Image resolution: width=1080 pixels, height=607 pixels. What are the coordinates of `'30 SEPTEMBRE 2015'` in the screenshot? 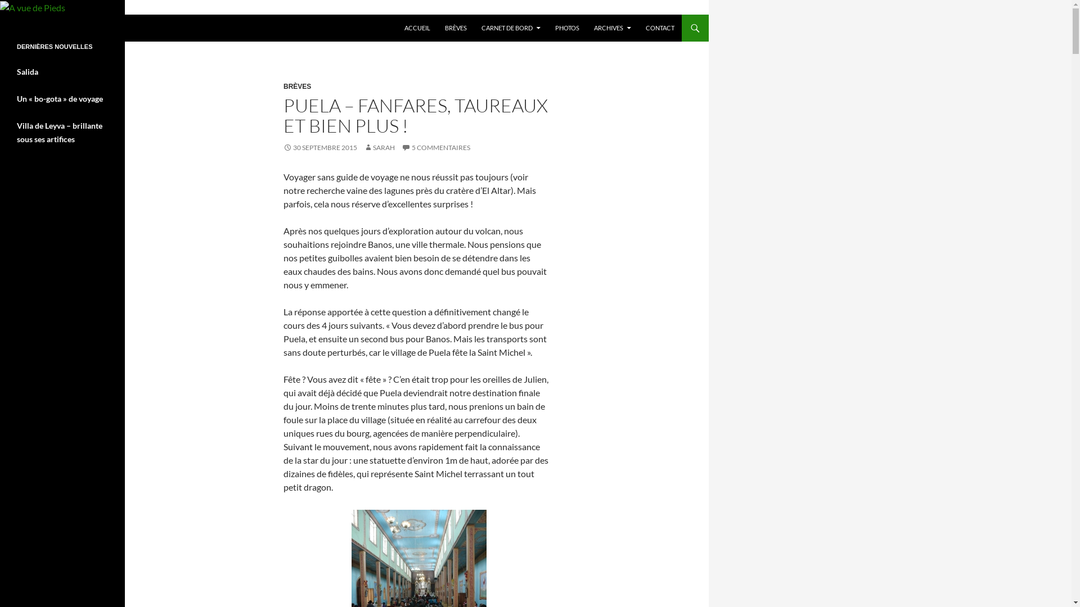 It's located at (319, 147).